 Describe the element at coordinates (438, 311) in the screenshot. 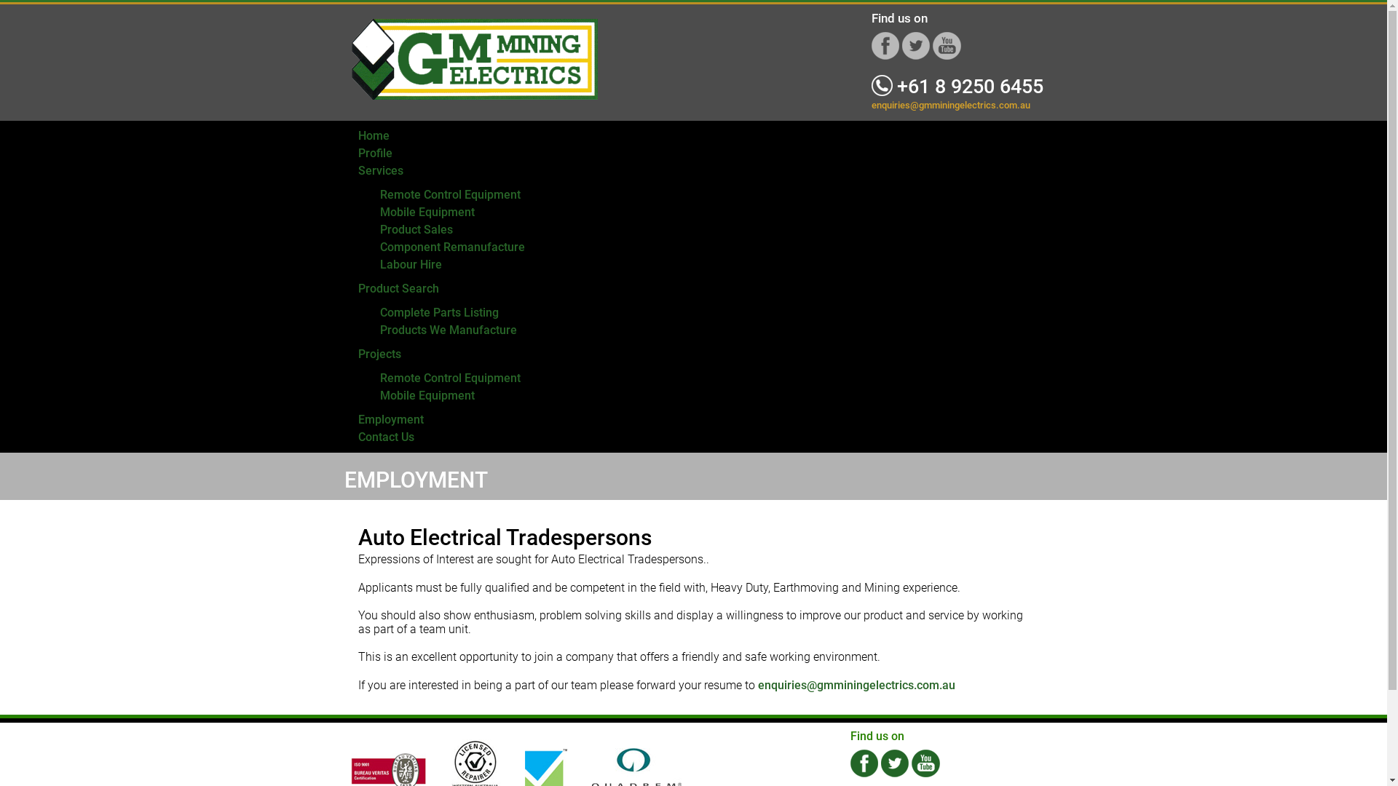

I see `'Complete Parts Listing'` at that location.